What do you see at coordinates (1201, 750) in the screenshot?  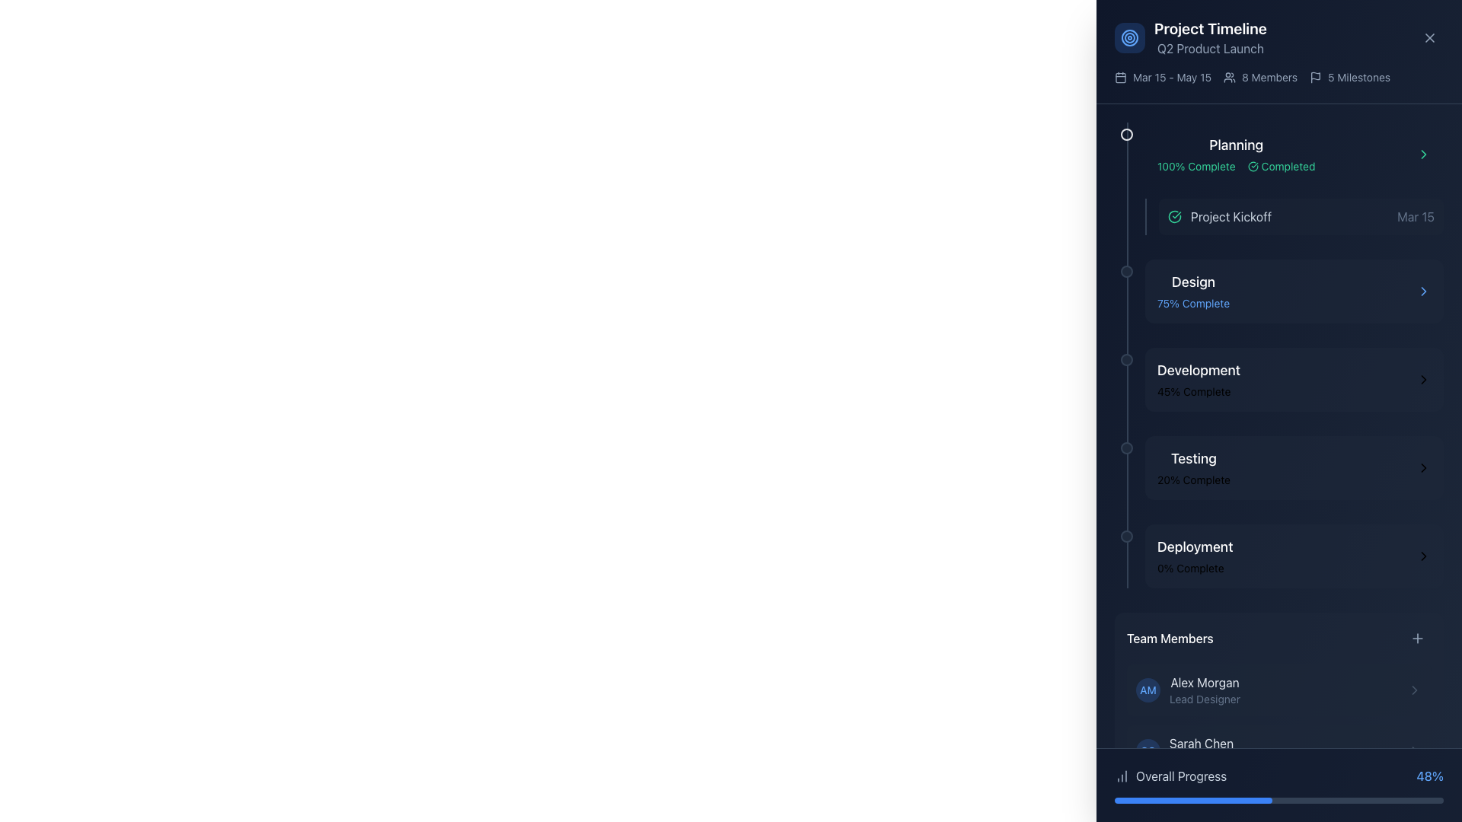 I see `the context information from the user profile display of the team member next` at bounding box center [1201, 750].